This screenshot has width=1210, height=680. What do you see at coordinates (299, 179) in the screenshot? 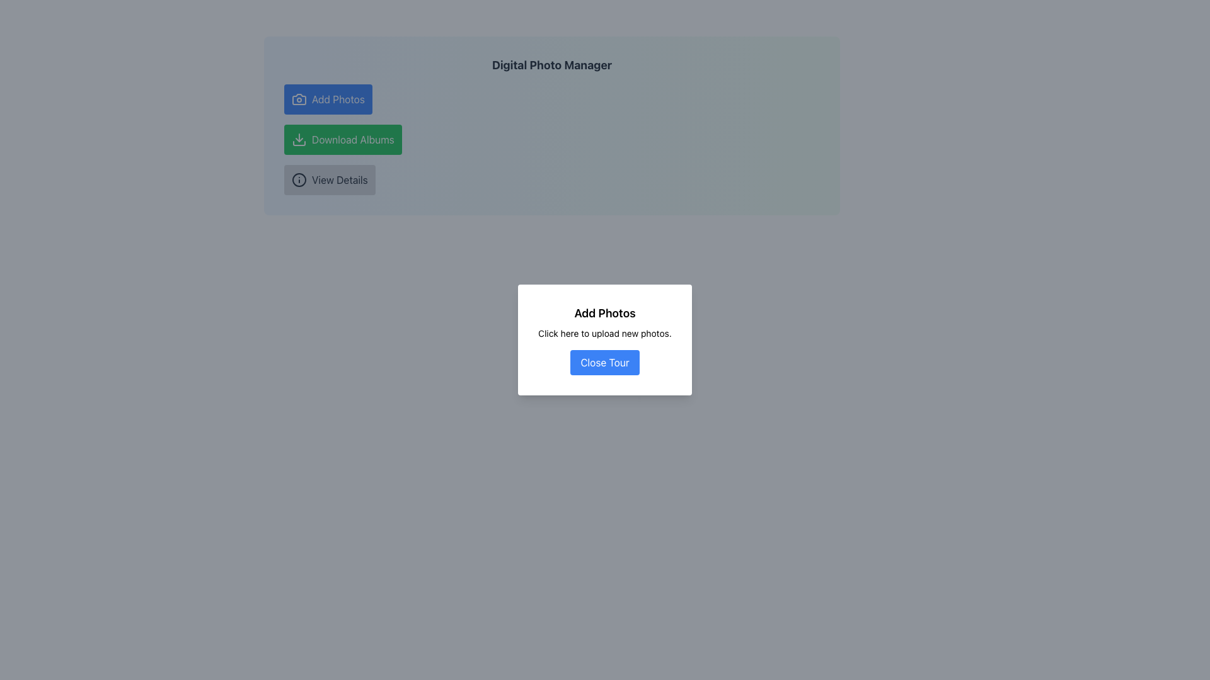
I see `the circle element within the SVG that enhances the information symbol of the 'View Details' button located at the bottom of a cluster of buttons` at bounding box center [299, 179].